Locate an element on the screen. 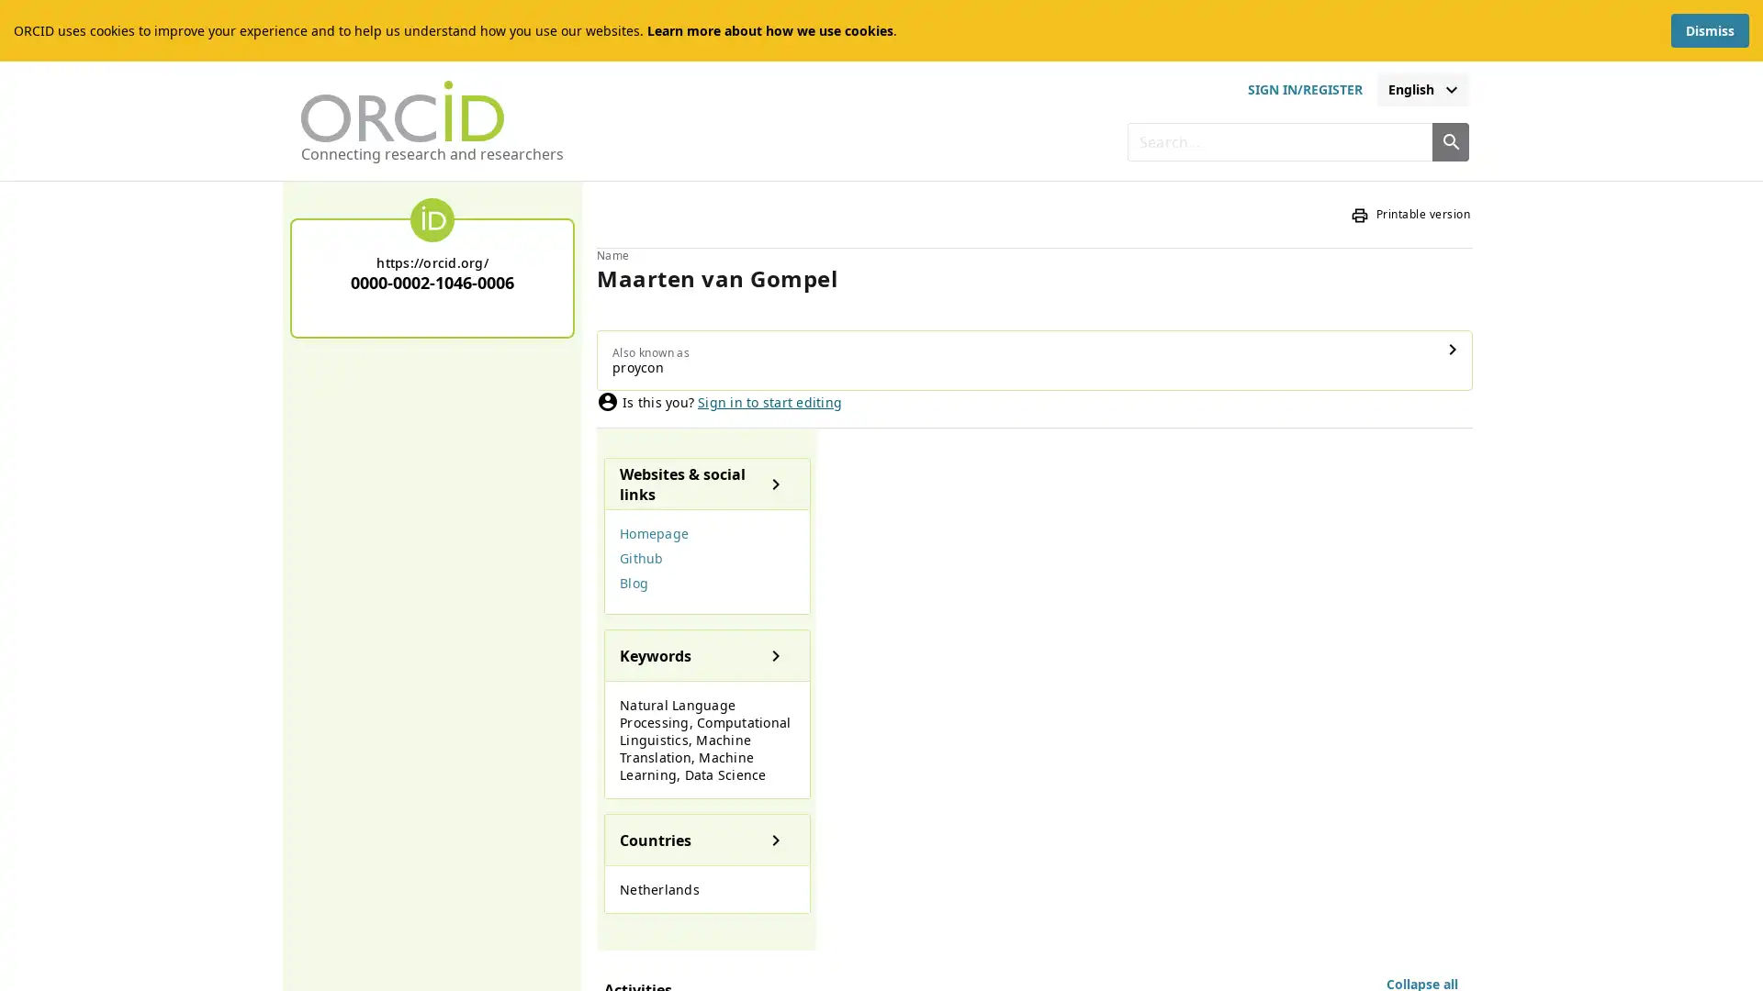 The image size is (1763, 991). Show details is located at coordinates (541, 392).